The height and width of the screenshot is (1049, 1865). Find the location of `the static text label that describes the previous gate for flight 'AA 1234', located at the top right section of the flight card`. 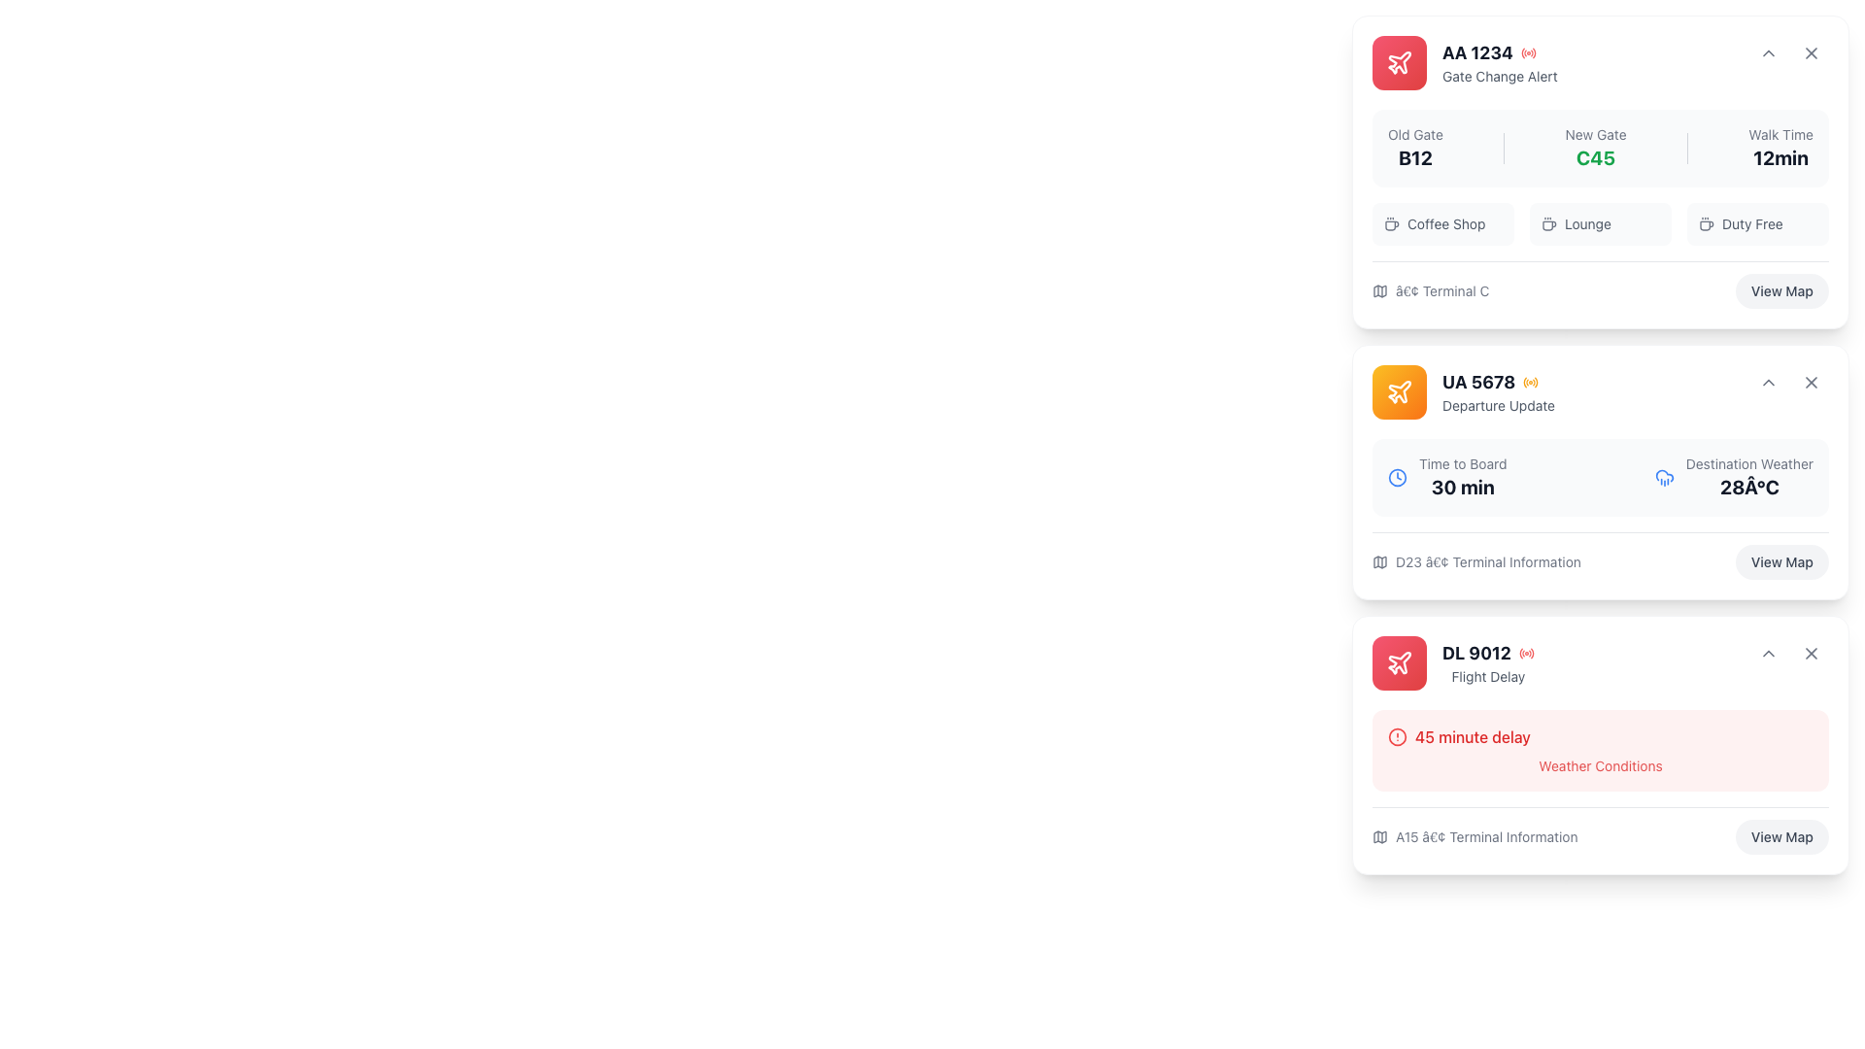

the static text label that describes the previous gate for flight 'AA 1234', located at the top right section of the flight card is located at coordinates (1415, 133).